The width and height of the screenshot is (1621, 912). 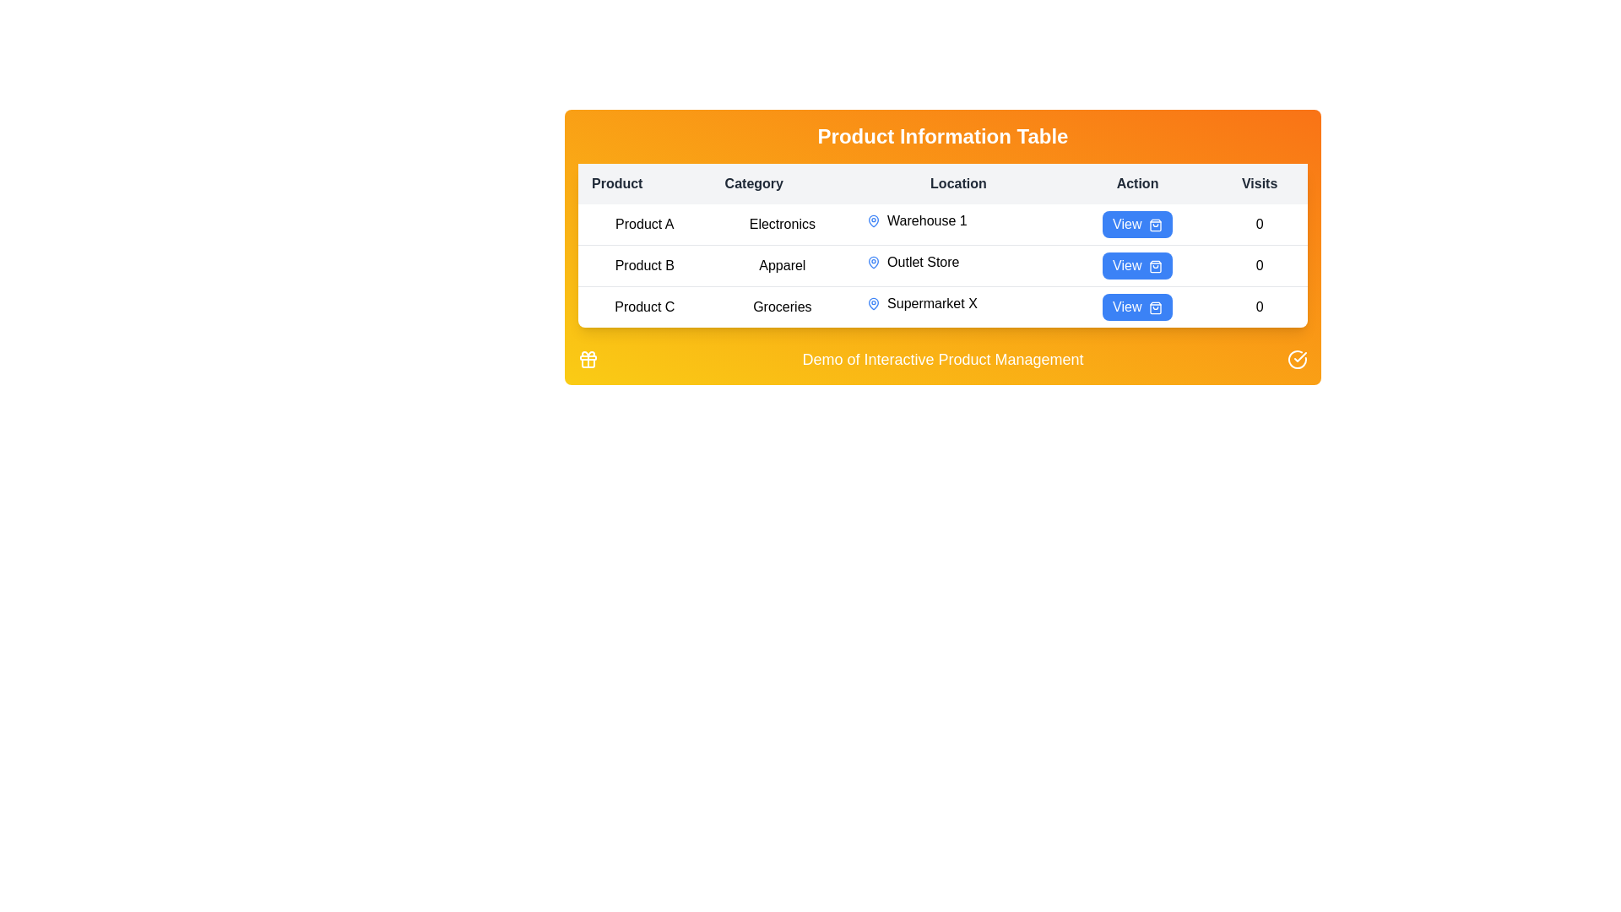 What do you see at coordinates (1154, 266) in the screenshot?
I see `the appearance of the shopping bag icon located at the right-most edge of the blue 'View' button in the Action column of the middle row in the product information section` at bounding box center [1154, 266].